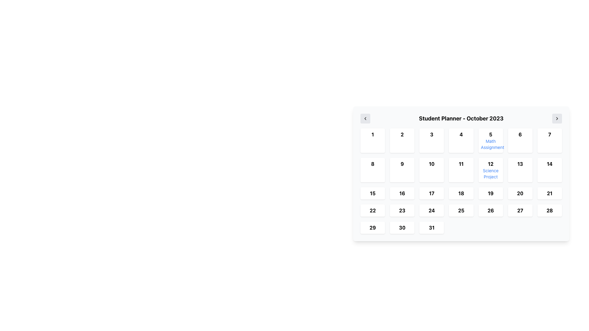  What do you see at coordinates (549, 193) in the screenshot?
I see `the grid cell displaying the number '21' which is located in the fourth row and seventh column of a calendar-like grid layout` at bounding box center [549, 193].